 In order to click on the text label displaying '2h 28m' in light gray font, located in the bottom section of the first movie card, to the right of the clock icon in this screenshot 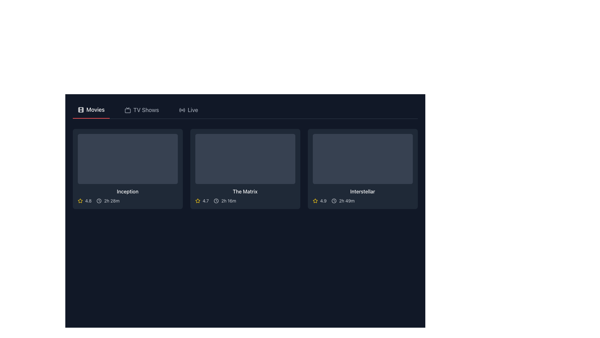, I will do `click(112, 201)`.